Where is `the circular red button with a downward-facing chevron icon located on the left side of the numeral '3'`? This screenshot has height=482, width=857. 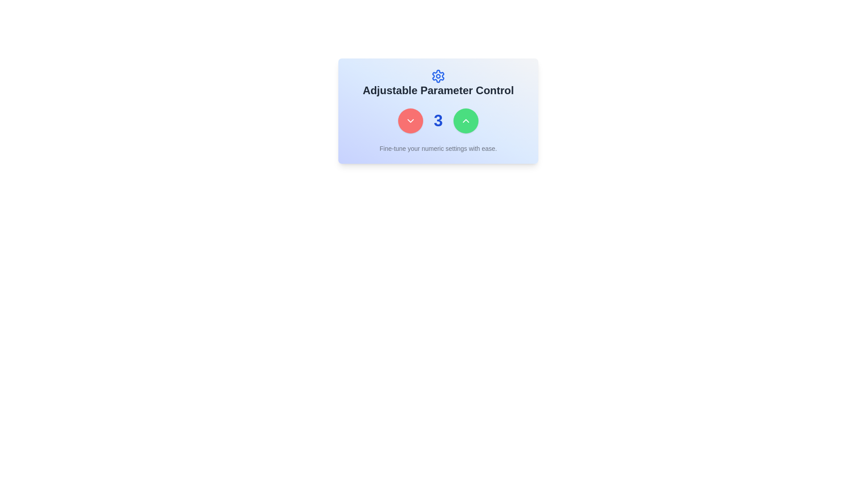
the circular red button with a downward-facing chevron icon located on the left side of the numeral '3' is located at coordinates (410, 120).